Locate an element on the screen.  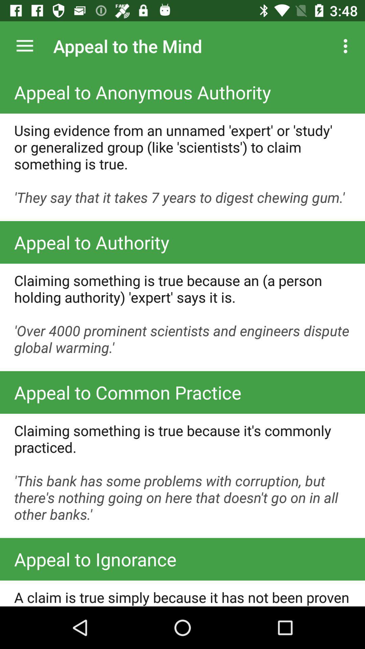
the icon above the appeal to anonymous item is located at coordinates (347, 46).